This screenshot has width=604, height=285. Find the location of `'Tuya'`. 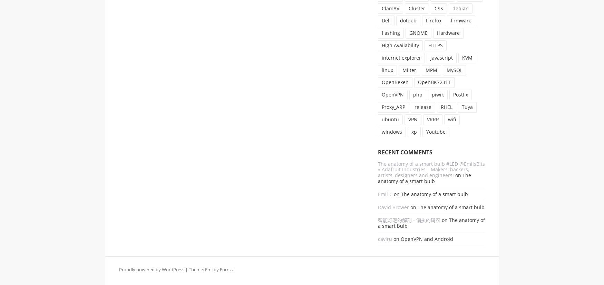

'Tuya' is located at coordinates (467, 106).